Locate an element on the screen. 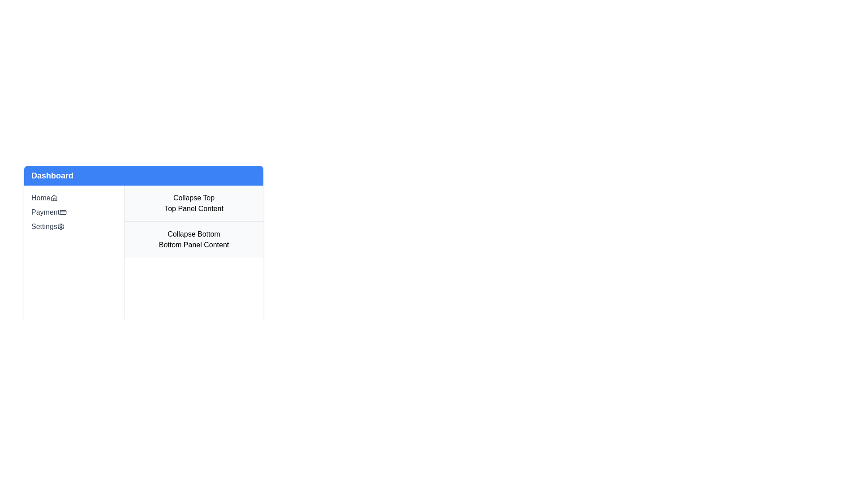 The image size is (860, 483). the credit card icon located in the Payment section of the left sidebar menu is located at coordinates (63, 212).